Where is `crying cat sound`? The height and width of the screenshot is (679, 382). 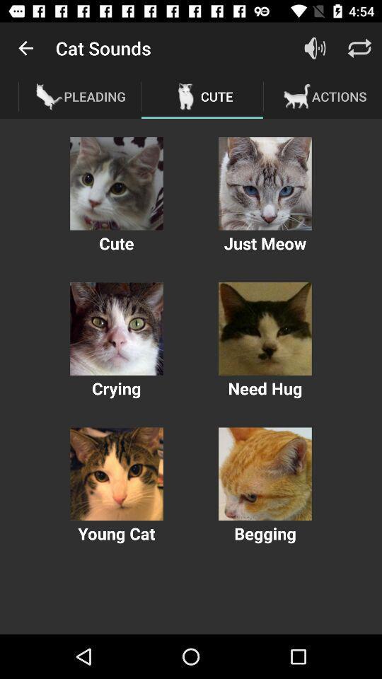 crying cat sound is located at coordinates (116, 329).